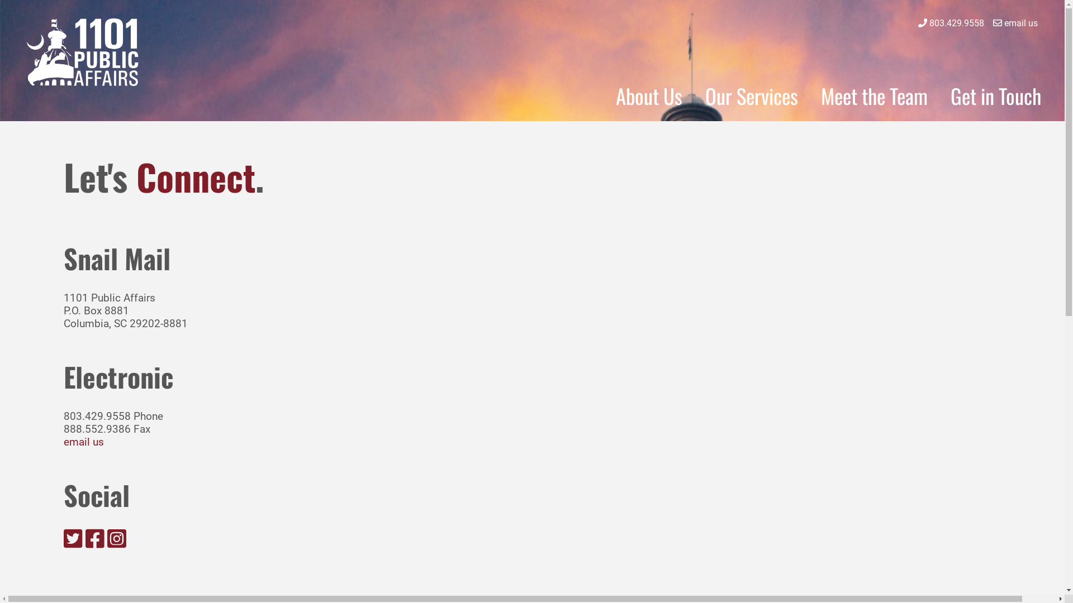 This screenshot has width=1073, height=603. I want to click on 'Twitter', so click(72, 542).